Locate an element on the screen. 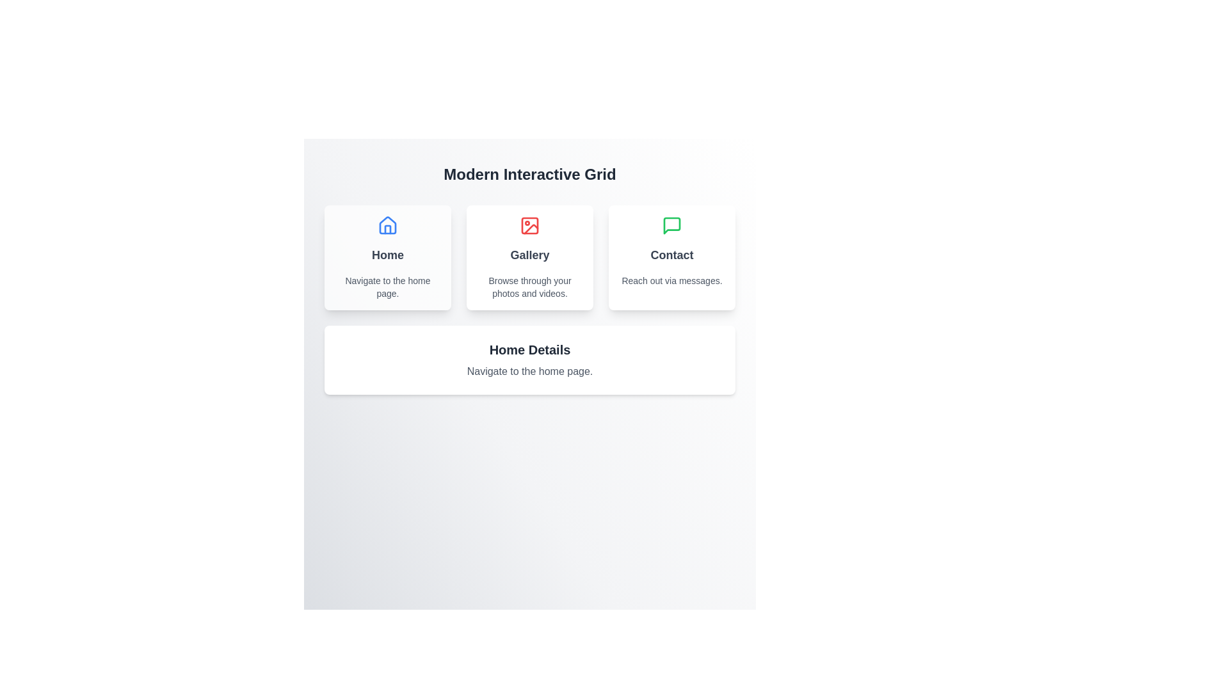 This screenshot has height=691, width=1229. Interactive card with text and icon, which serves as a contact option for users, located as the third card in a grid layout in the top-right corner is located at coordinates (671, 257).